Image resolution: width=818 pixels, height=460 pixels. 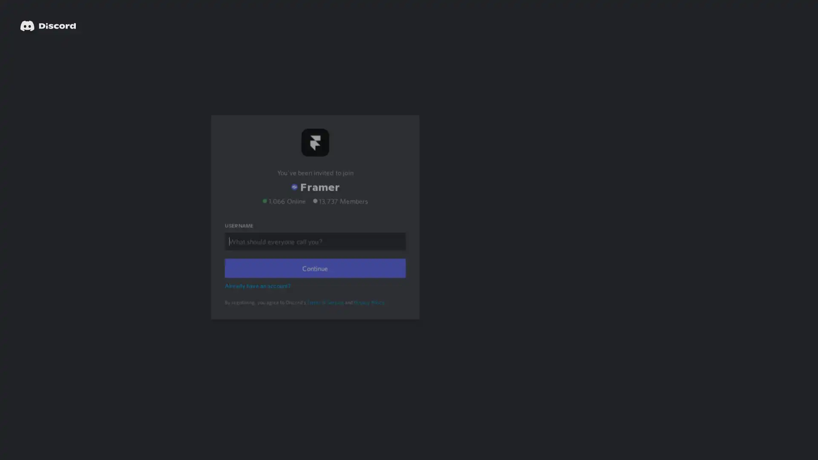 What do you see at coordinates (314, 279) in the screenshot?
I see `Continue` at bounding box center [314, 279].